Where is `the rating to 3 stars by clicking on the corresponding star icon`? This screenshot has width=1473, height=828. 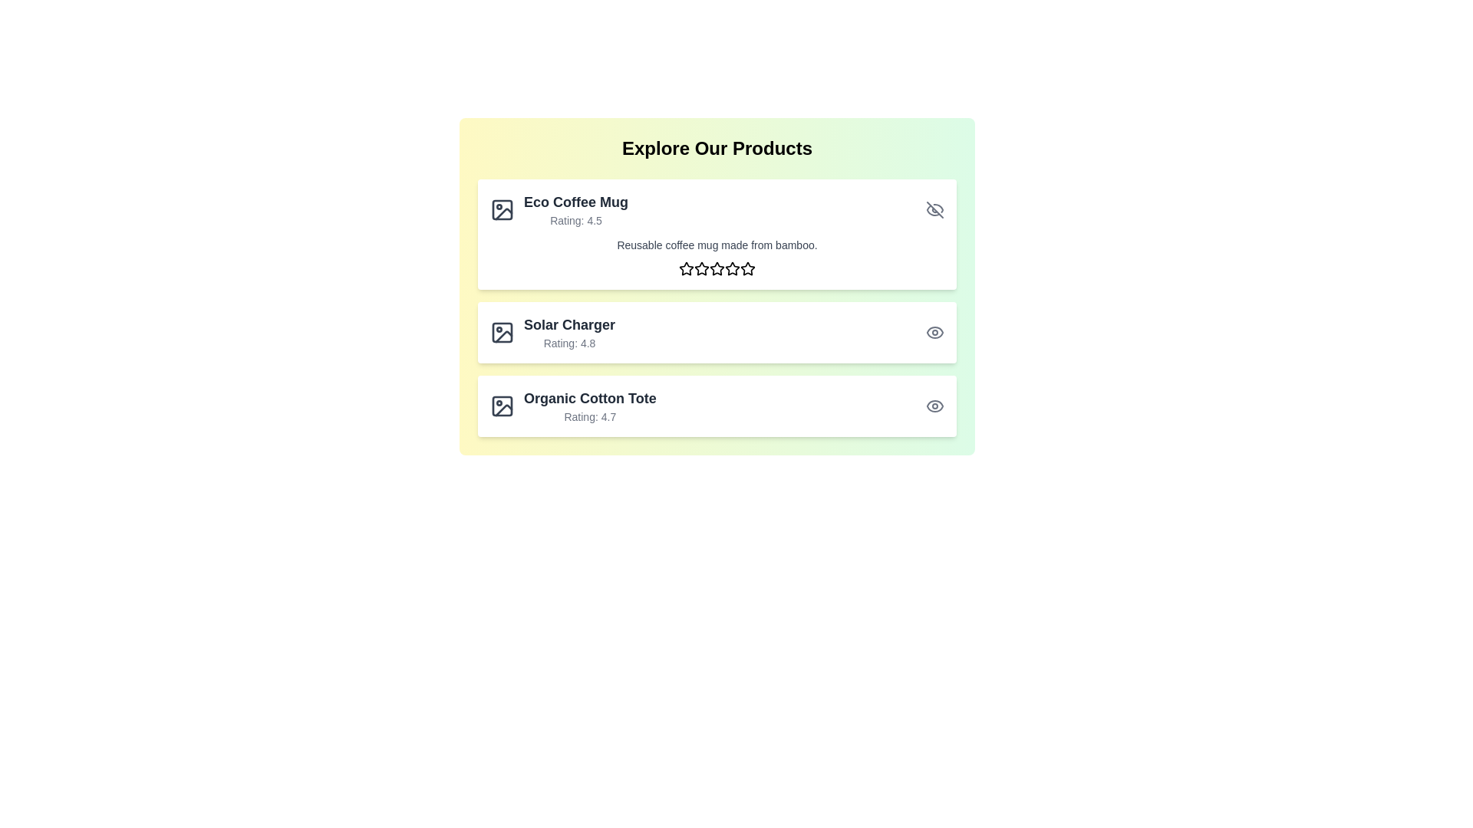 the rating to 3 stars by clicking on the corresponding star icon is located at coordinates (717, 268).